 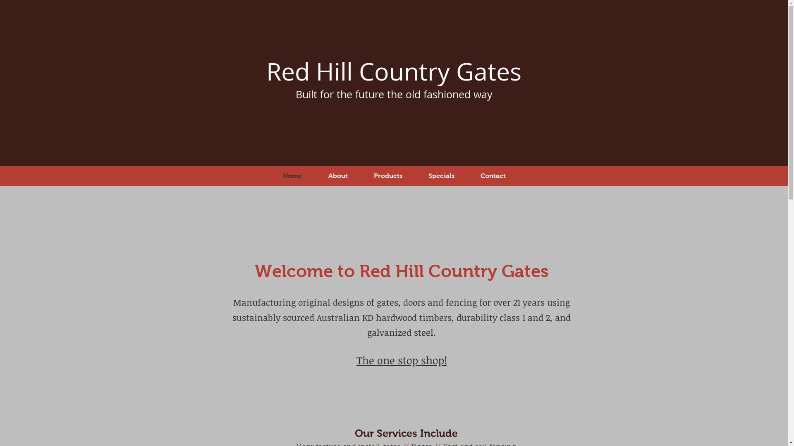 I want to click on 'About', so click(x=338, y=175).